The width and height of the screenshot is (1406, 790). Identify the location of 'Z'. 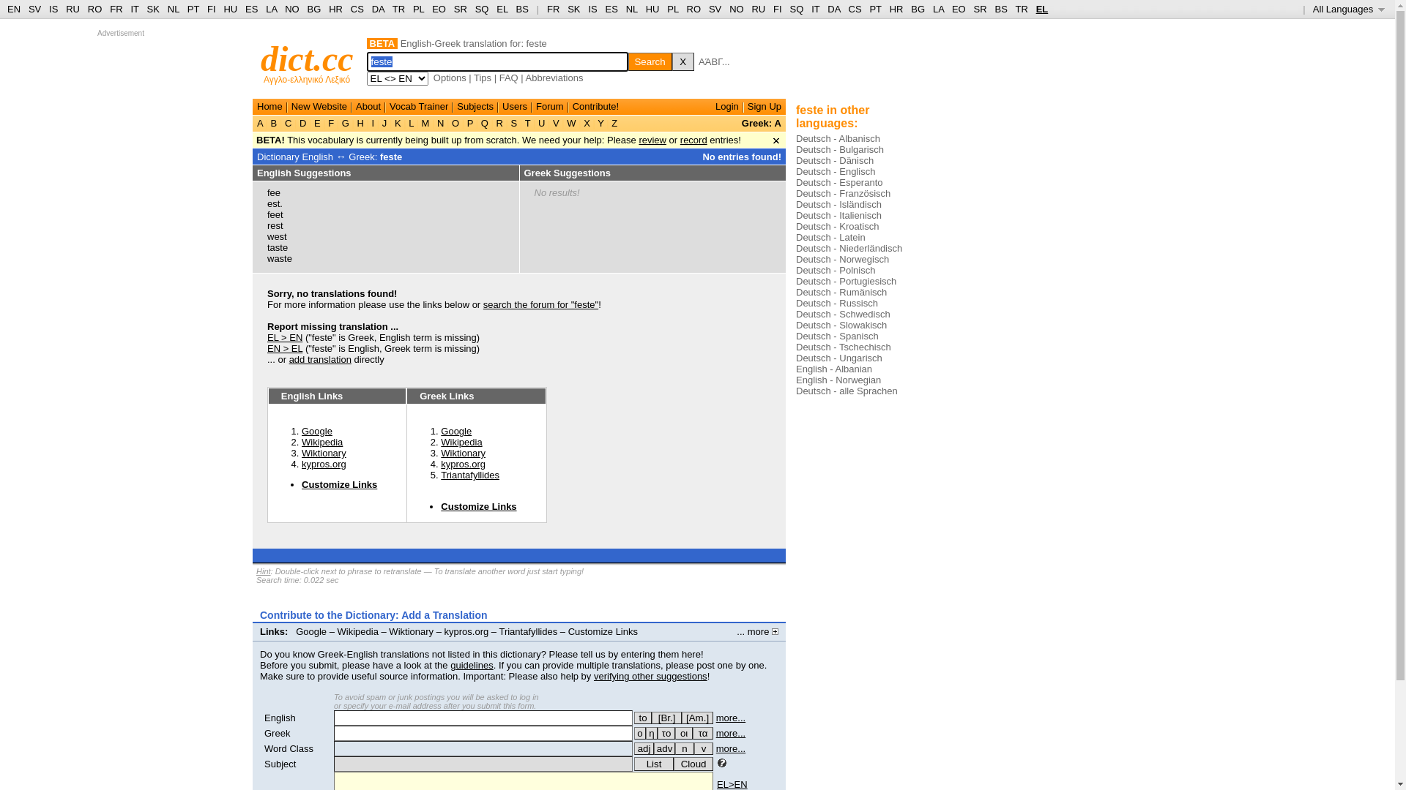
(614, 122).